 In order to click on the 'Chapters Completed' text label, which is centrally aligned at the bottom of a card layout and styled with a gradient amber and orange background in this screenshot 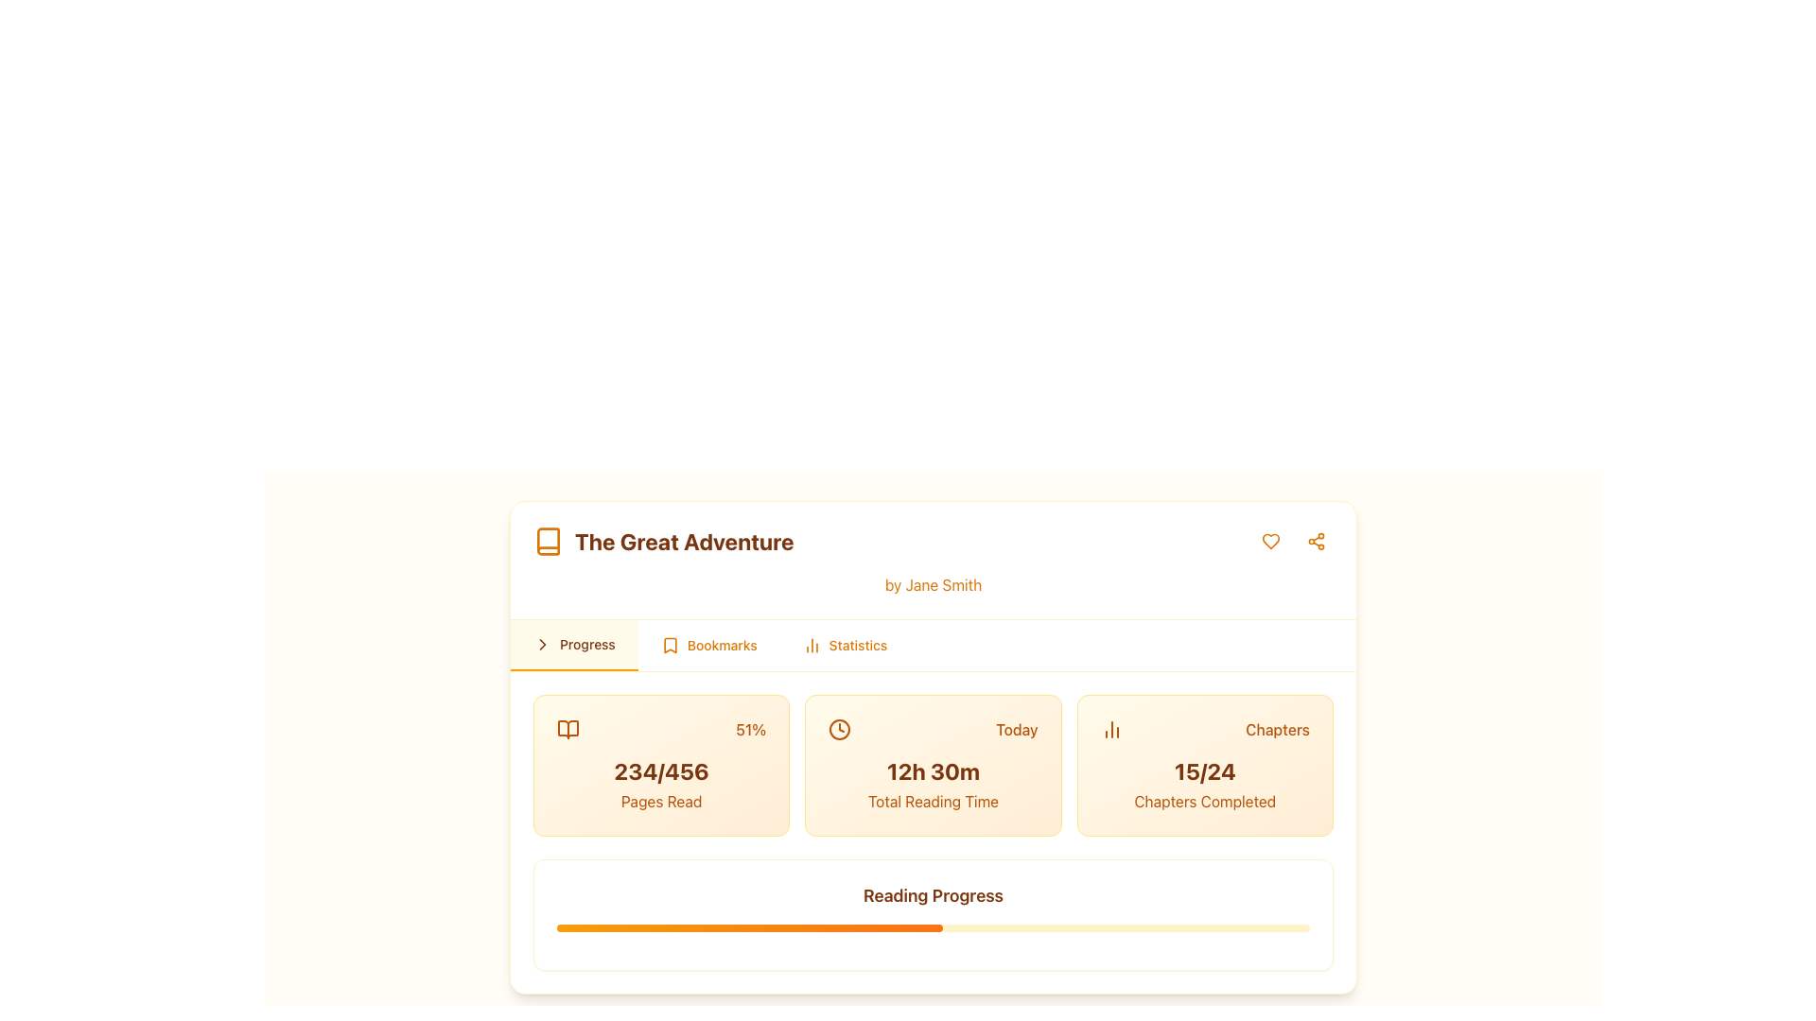, I will do `click(1204, 802)`.